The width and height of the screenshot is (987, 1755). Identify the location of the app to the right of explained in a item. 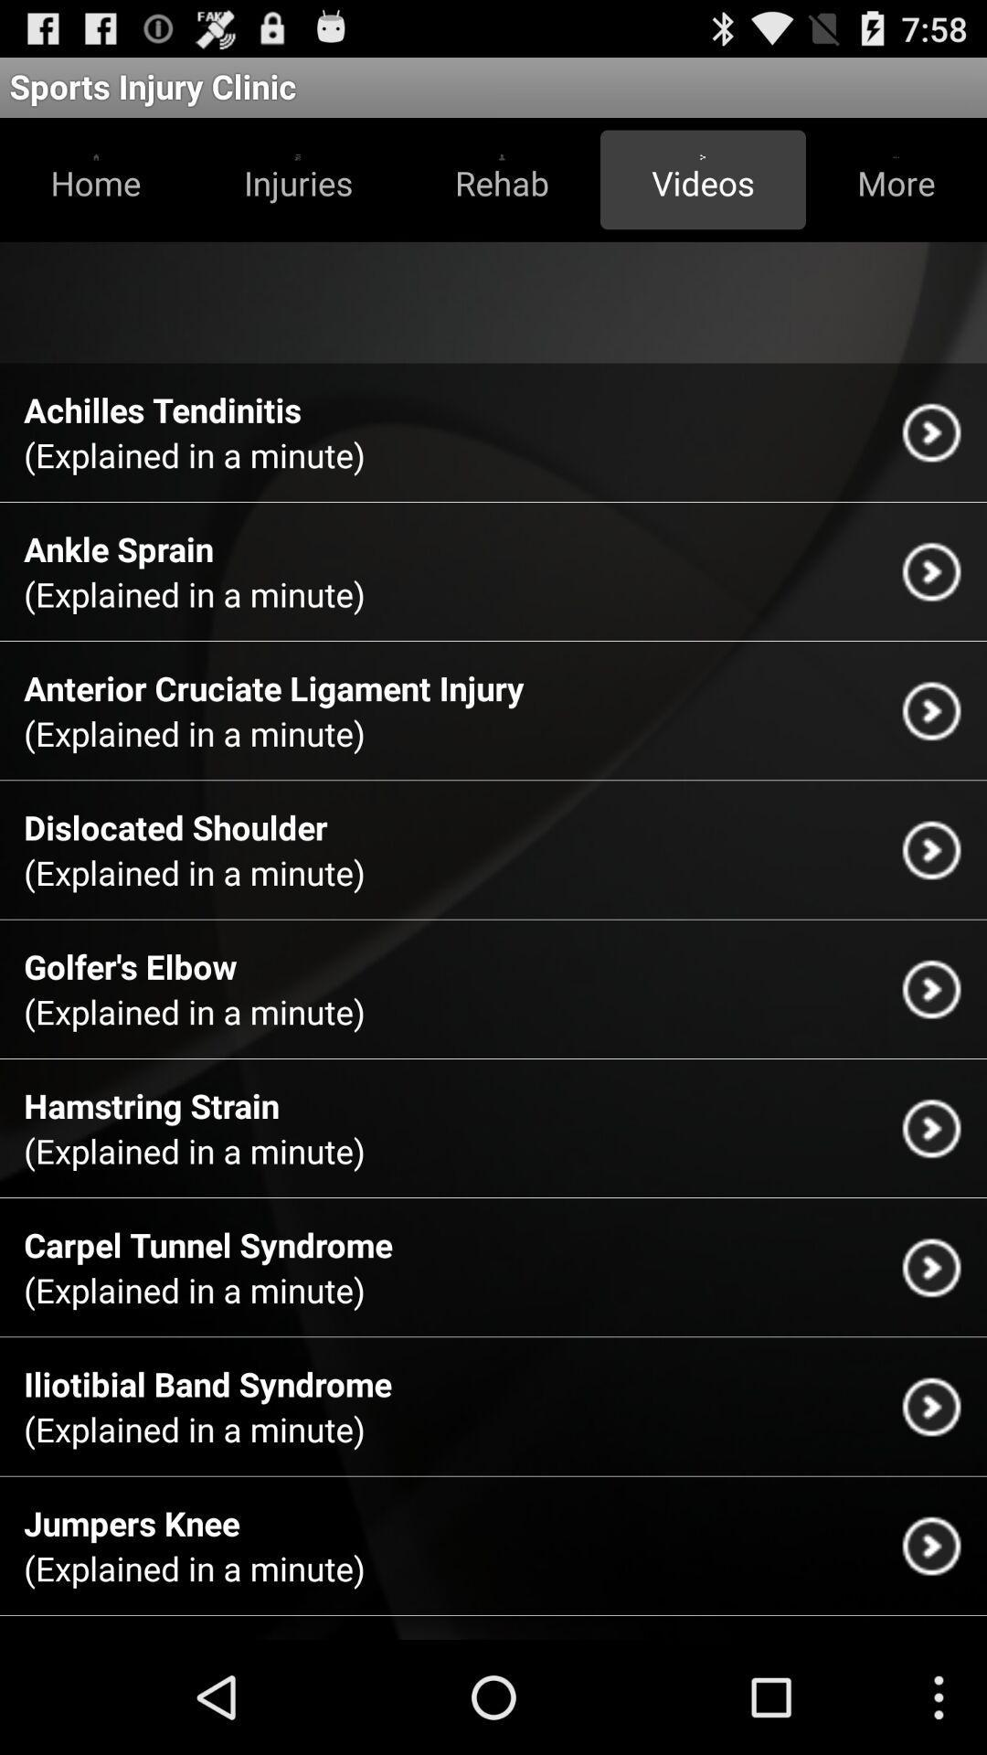
(931, 988).